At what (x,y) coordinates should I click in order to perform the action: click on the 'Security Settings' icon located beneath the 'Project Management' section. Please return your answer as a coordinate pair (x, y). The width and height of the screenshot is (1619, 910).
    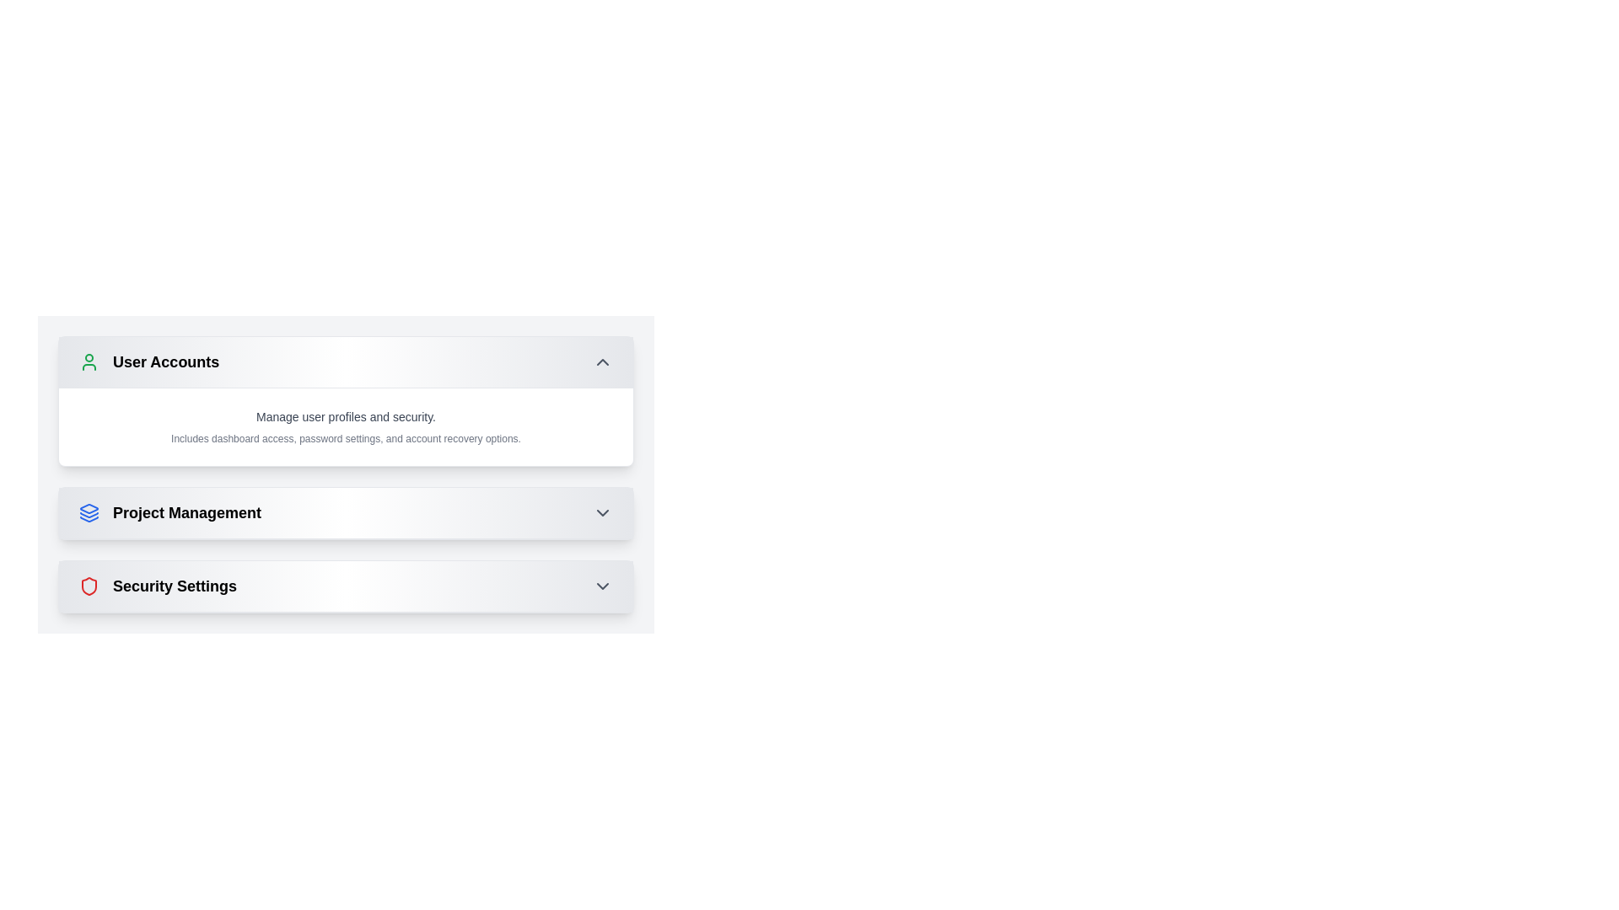
    Looking at the image, I should click on (88, 585).